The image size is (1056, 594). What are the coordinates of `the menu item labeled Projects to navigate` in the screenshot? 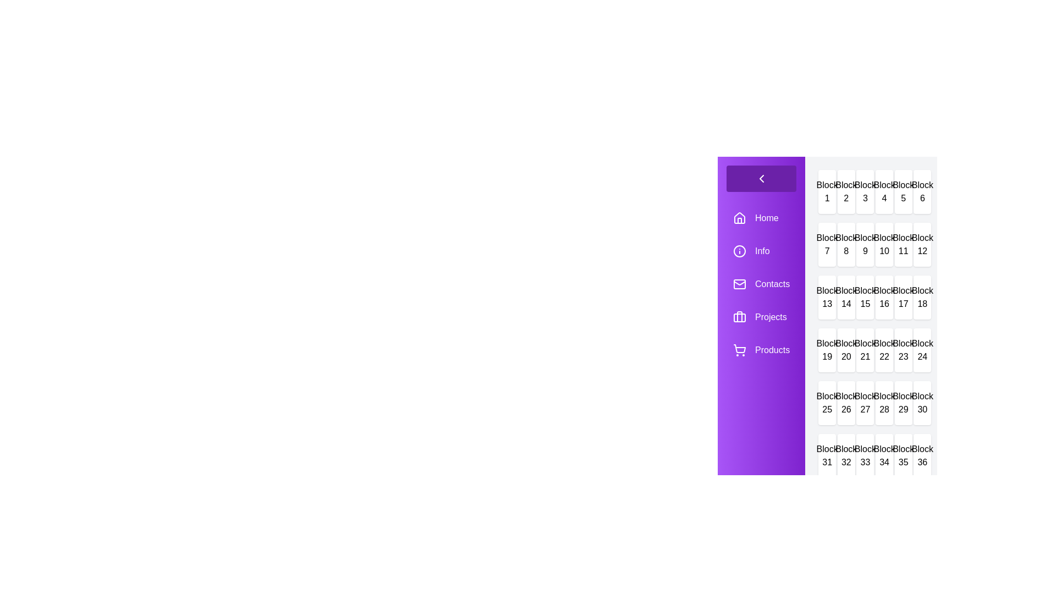 It's located at (760, 317).